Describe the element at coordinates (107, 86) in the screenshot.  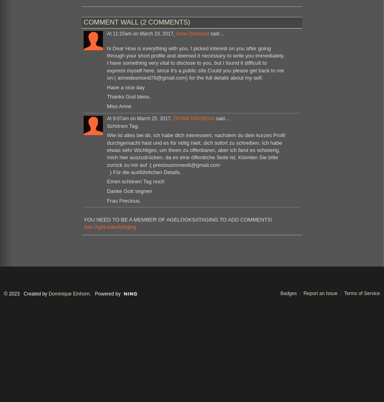
I see `'Have a nice day'` at that location.